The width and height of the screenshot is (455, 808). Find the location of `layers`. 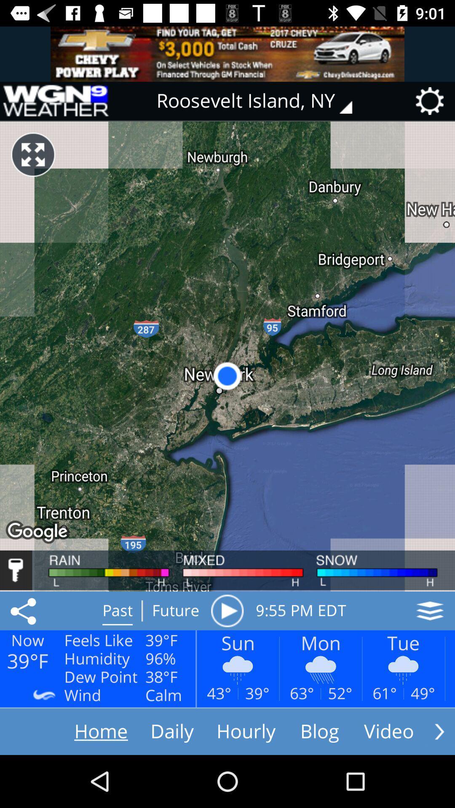

layers is located at coordinates (430, 611).